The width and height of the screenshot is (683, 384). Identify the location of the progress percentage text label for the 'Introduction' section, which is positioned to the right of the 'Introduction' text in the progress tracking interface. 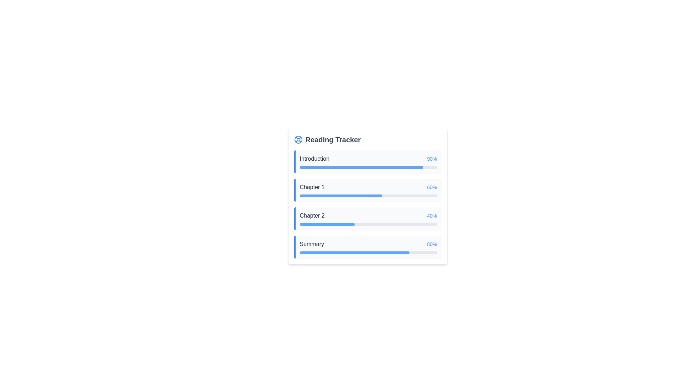
(431, 159).